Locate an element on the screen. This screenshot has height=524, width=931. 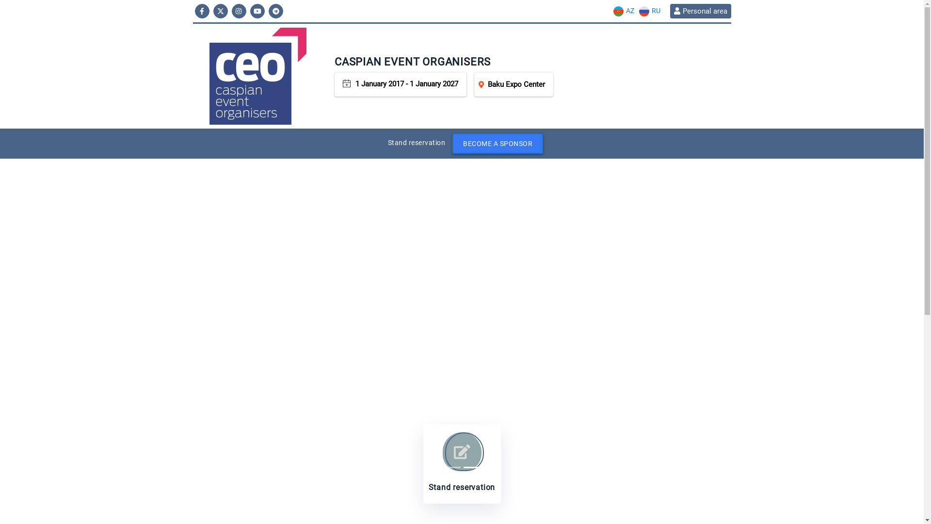
'Stand reservation' is located at coordinates (417, 142).